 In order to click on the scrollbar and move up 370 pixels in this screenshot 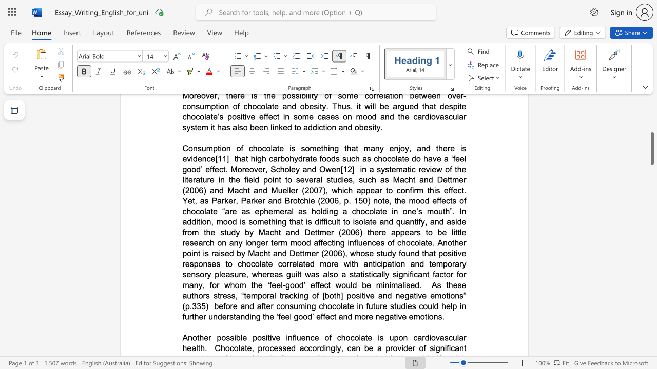, I will do `click(651, 175)`.